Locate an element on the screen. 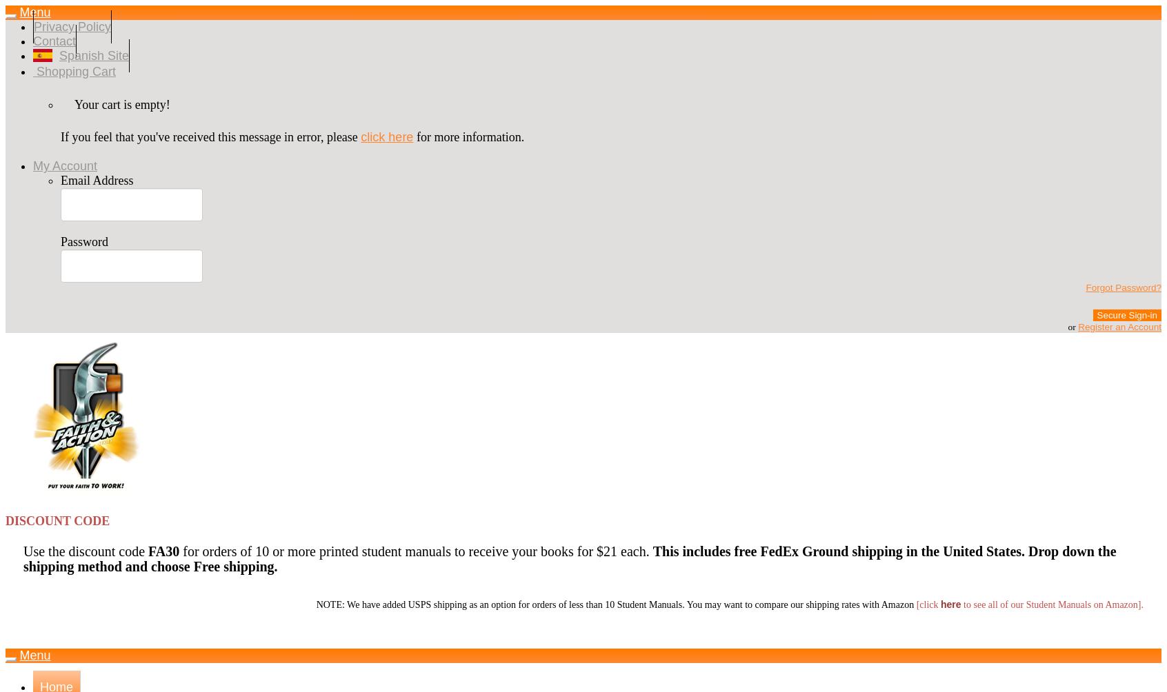 This screenshot has width=1167, height=692. 'If you feel that you've received this message in error, please' is located at coordinates (210, 136).